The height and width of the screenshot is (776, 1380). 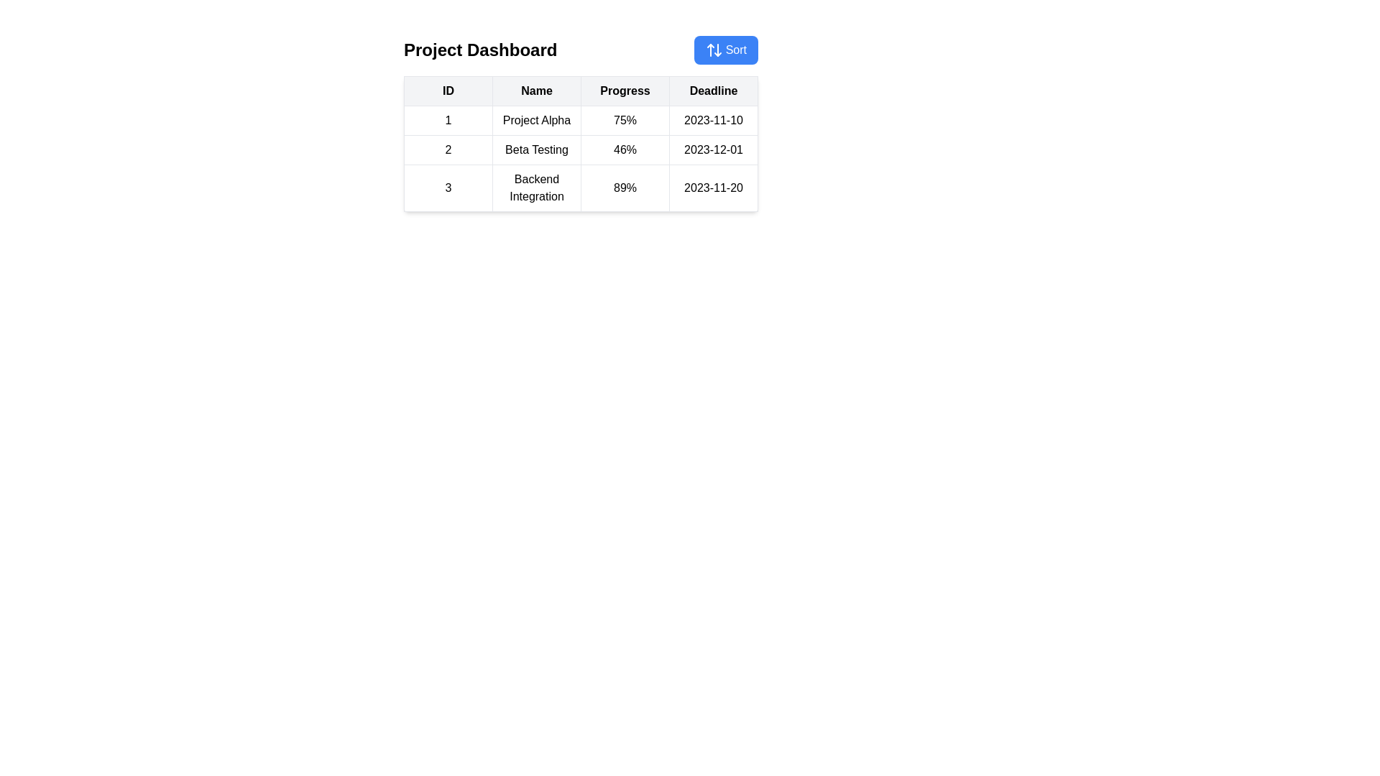 What do you see at coordinates (536, 188) in the screenshot?
I see `text from the label in the second column of the table row corresponding to the entry with ID '3'` at bounding box center [536, 188].